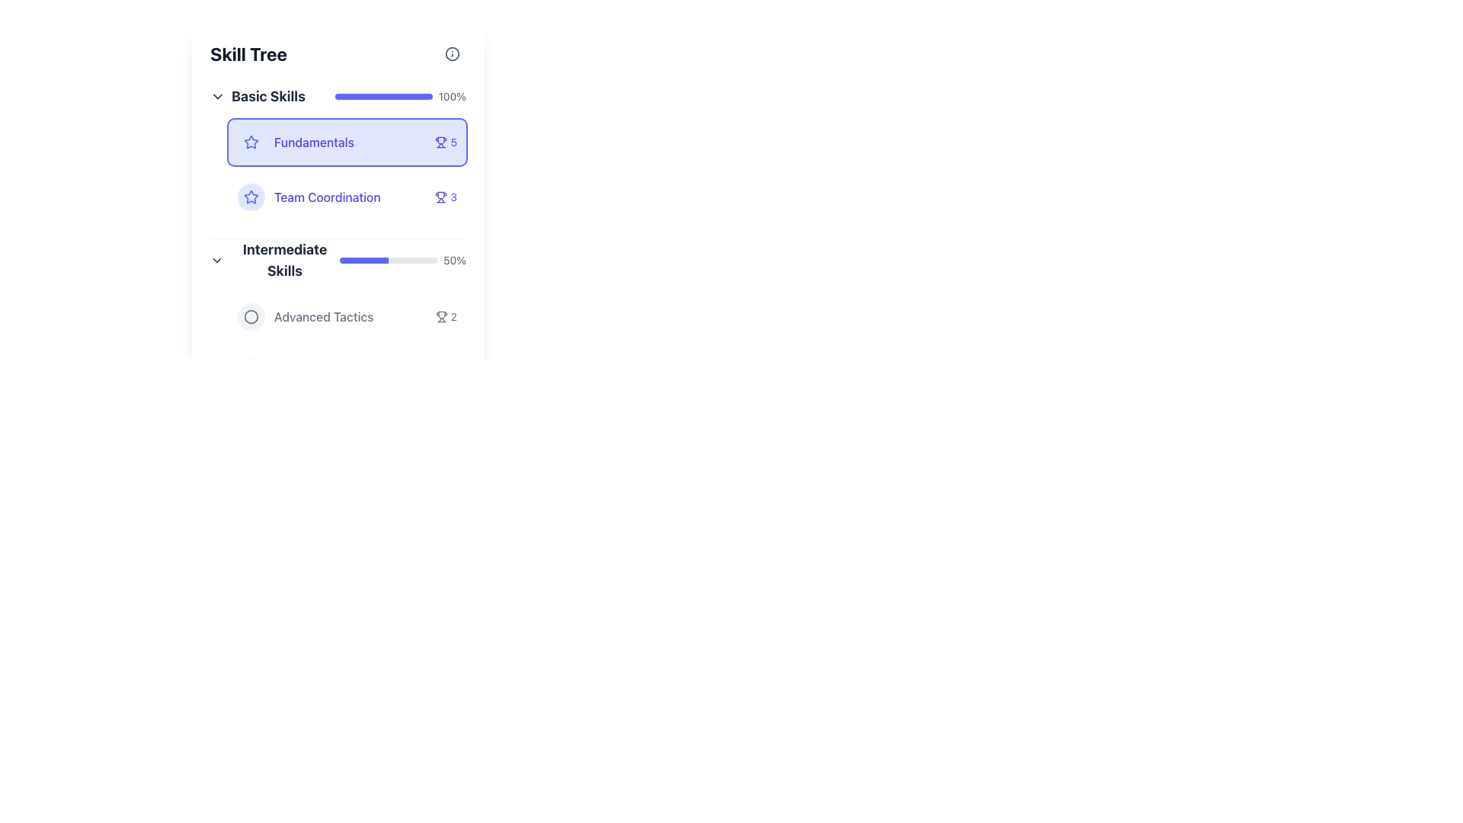 Image resolution: width=1463 pixels, height=823 pixels. Describe the element at coordinates (216, 260) in the screenshot. I see `the right-facing chevron icon with a thin border and round edge, located next to the text 'Intermediate Skills'` at that location.